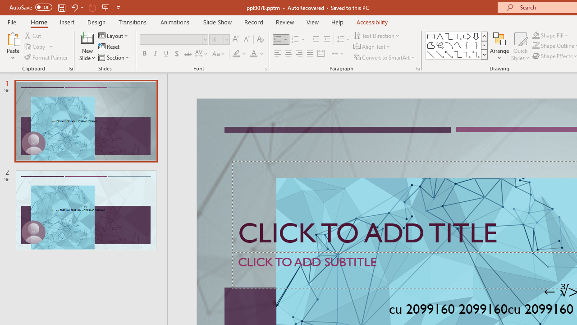 The image size is (577, 325). What do you see at coordinates (310, 54) in the screenshot?
I see `'Justify'` at bounding box center [310, 54].